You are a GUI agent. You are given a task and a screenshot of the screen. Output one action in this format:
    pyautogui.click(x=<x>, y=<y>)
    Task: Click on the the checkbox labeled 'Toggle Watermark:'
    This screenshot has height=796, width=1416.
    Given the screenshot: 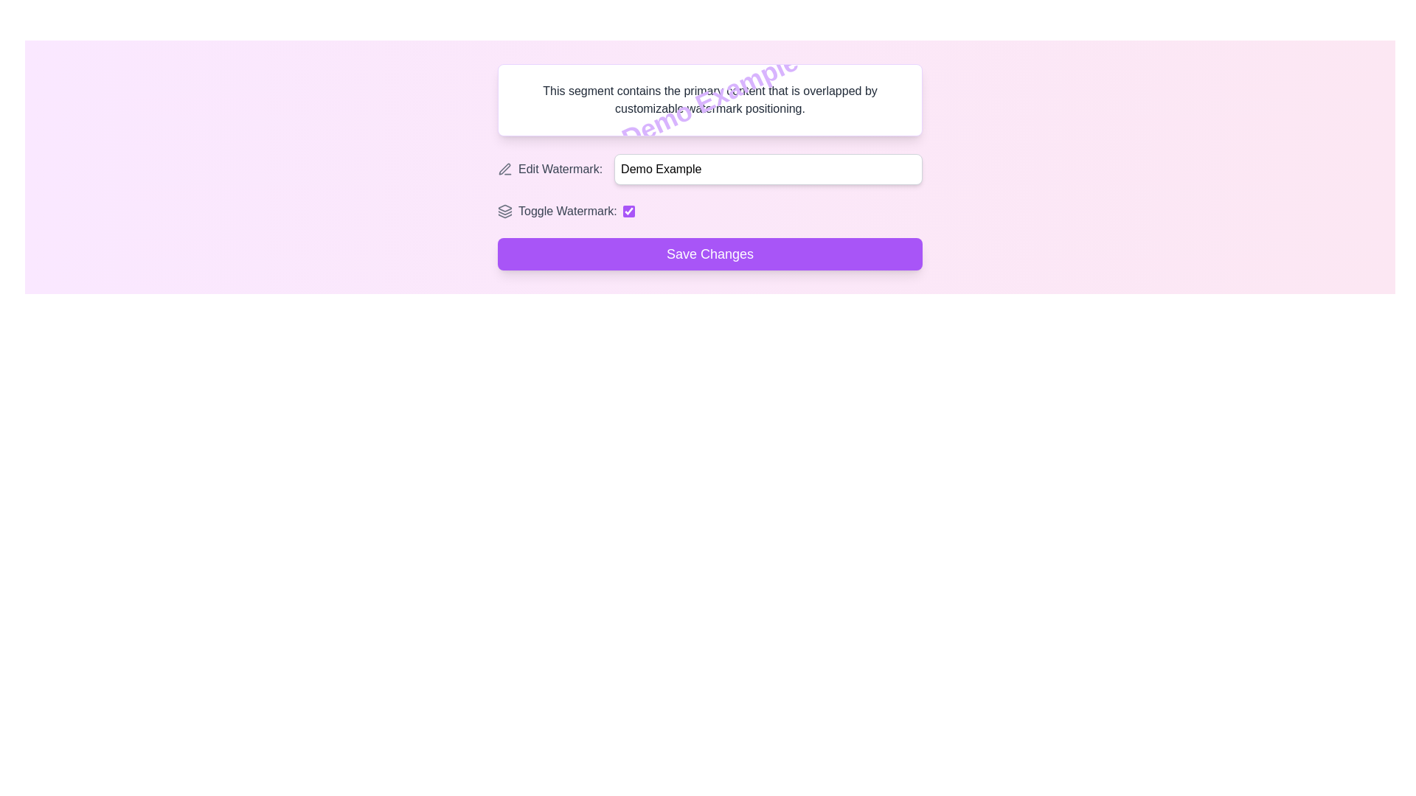 What is the action you would take?
    pyautogui.click(x=710, y=211)
    